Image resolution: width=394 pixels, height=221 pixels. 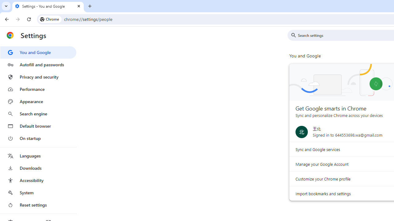 What do you see at coordinates (38, 114) in the screenshot?
I see `'Search engine'` at bounding box center [38, 114].